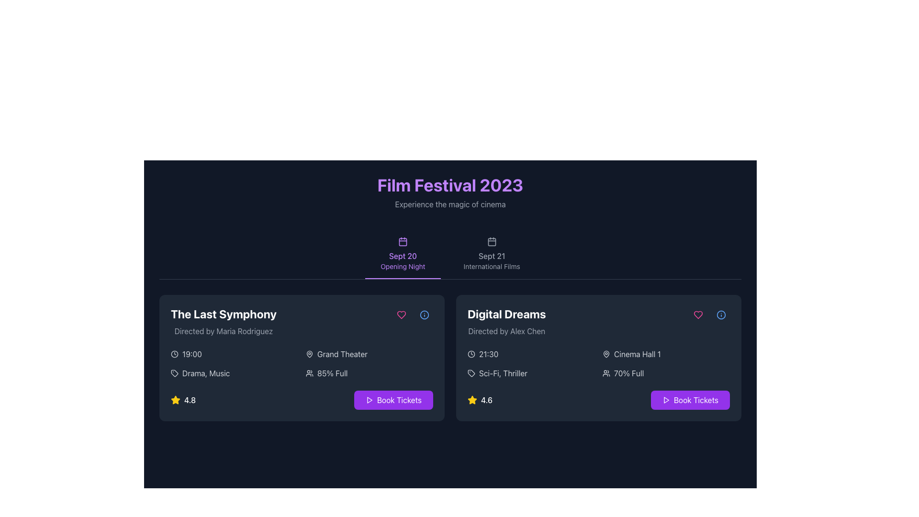 This screenshot has height=517, width=919. I want to click on text label that serves as the title of the movie entry, positioned above the subtitle 'Directed by Alex Chen' in the right-hand side movie card section, so click(506, 314).